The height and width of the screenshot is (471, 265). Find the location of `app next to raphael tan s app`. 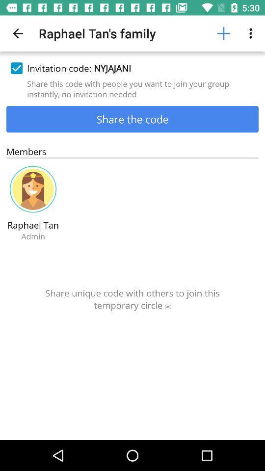

app next to raphael tan s app is located at coordinates (18, 33).